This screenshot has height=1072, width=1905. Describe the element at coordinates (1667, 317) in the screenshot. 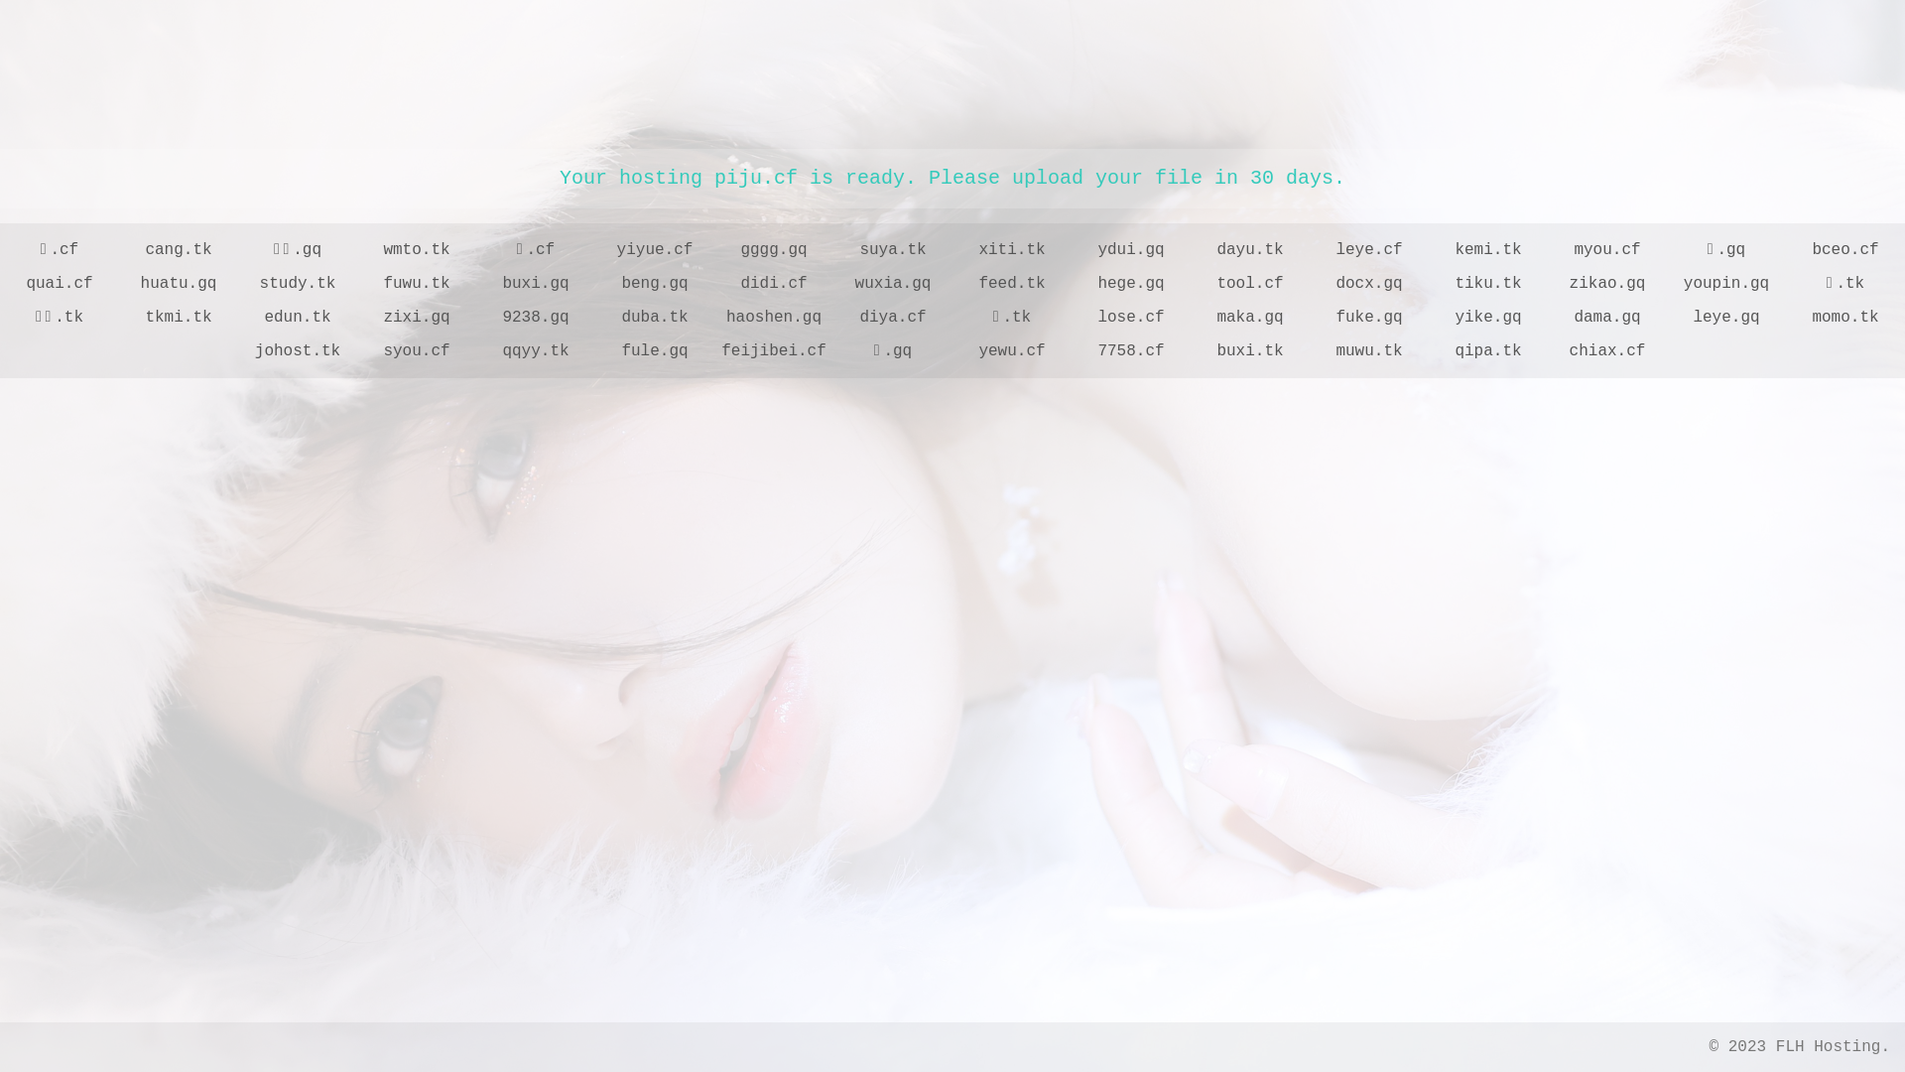

I see `'leye.gq'` at that location.